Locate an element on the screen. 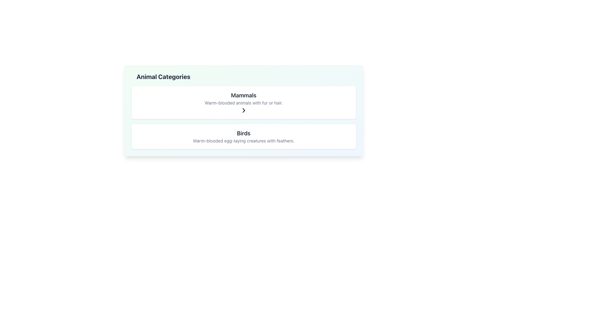 Image resolution: width=598 pixels, height=336 pixels. the text label providing supplementary information about the category titled 'Mammals', which is positioned below the title and above an arrow icon in the card layout is located at coordinates (243, 103).